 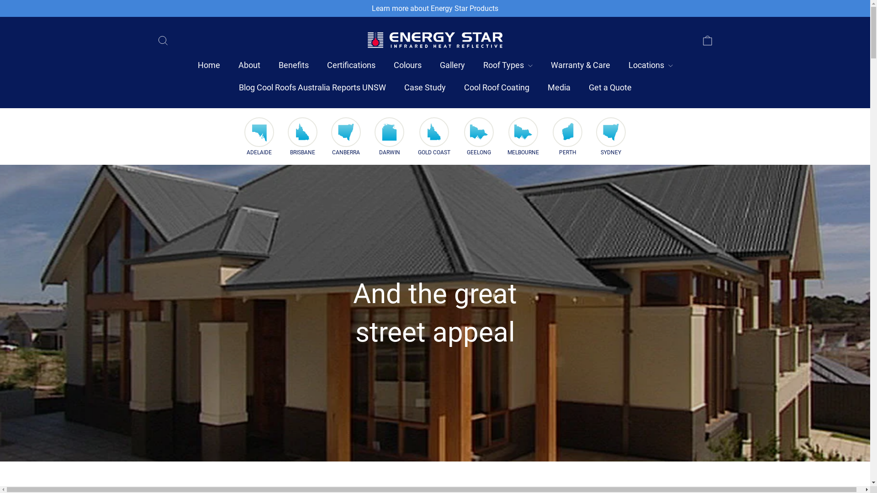 I want to click on 'icon-search, so click(x=162, y=39).